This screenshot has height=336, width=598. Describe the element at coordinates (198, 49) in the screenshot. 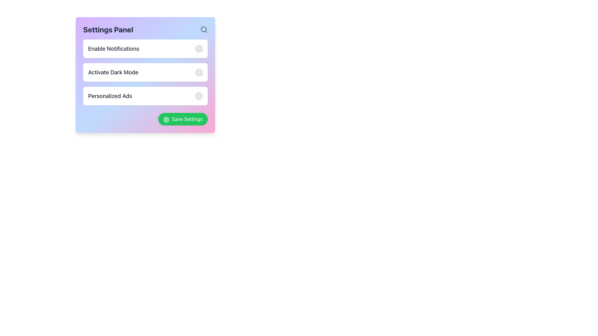

I see `the circular button with a light gray background located to the right of the 'Enable Notifications' label` at that location.